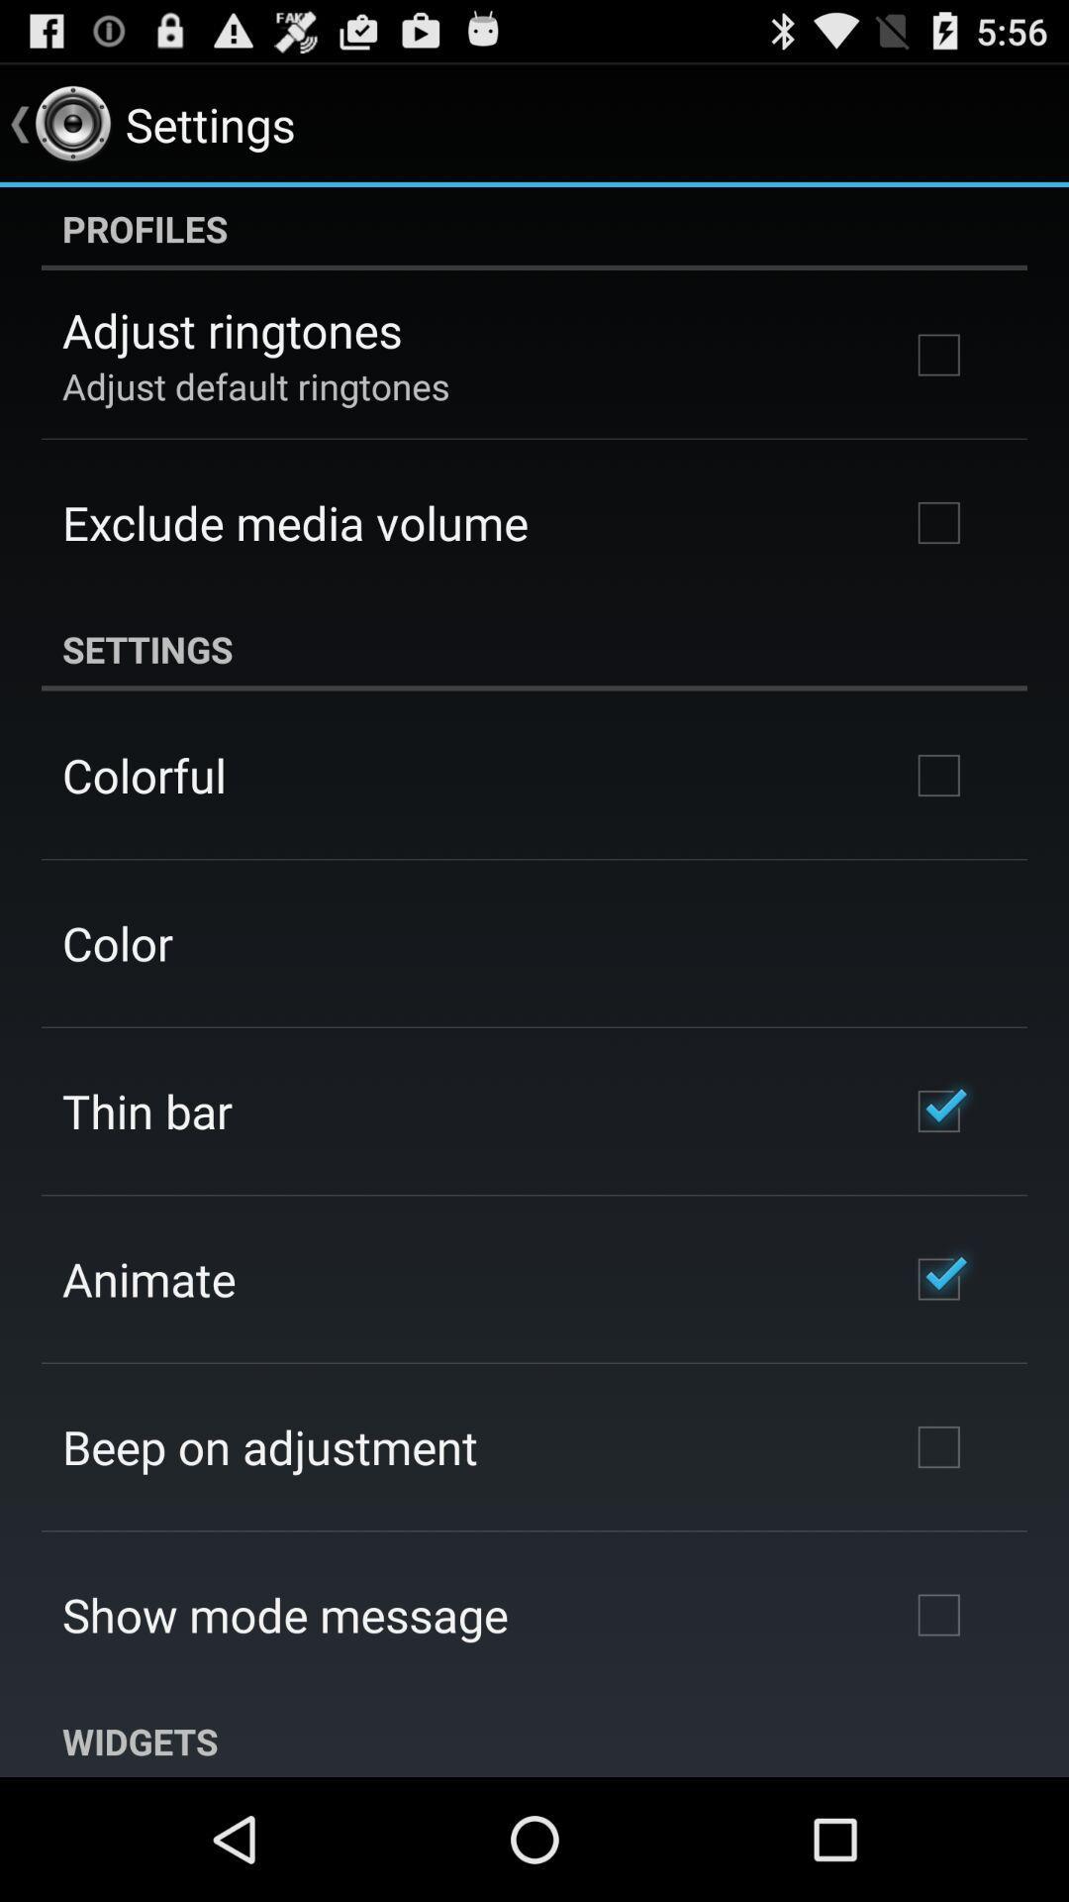  What do you see at coordinates (143, 774) in the screenshot?
I see `app above color` at bounding box center [143, 774].